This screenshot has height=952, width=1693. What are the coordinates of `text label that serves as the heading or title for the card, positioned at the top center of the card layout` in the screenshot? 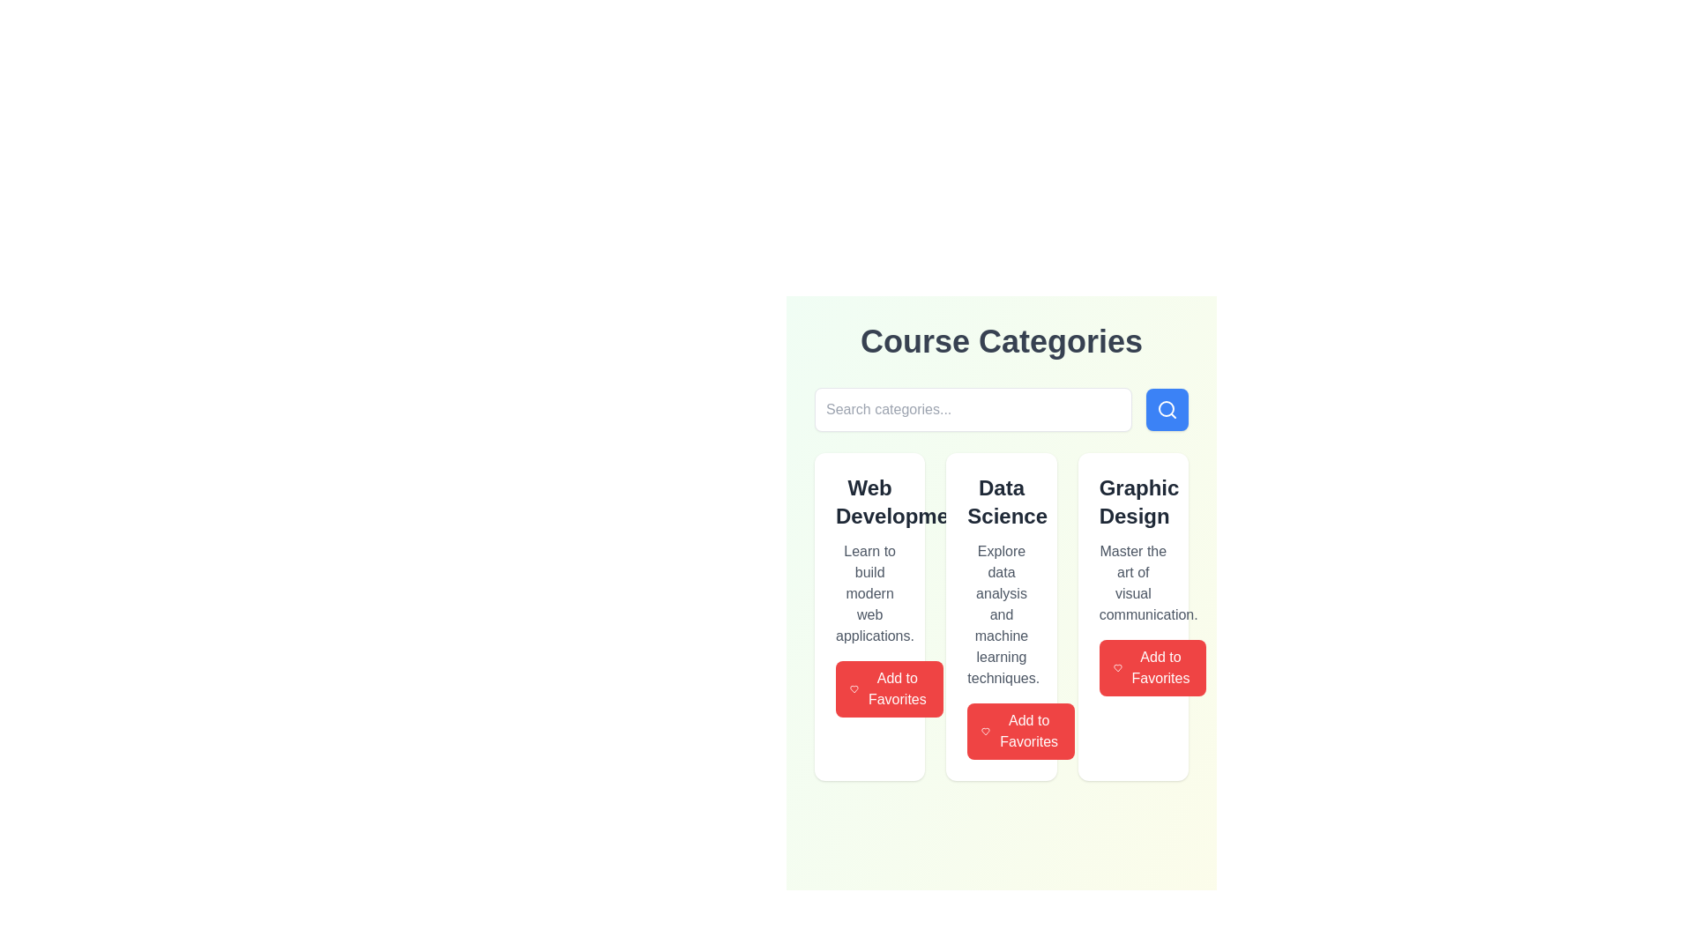 It's located at (1002, 502).